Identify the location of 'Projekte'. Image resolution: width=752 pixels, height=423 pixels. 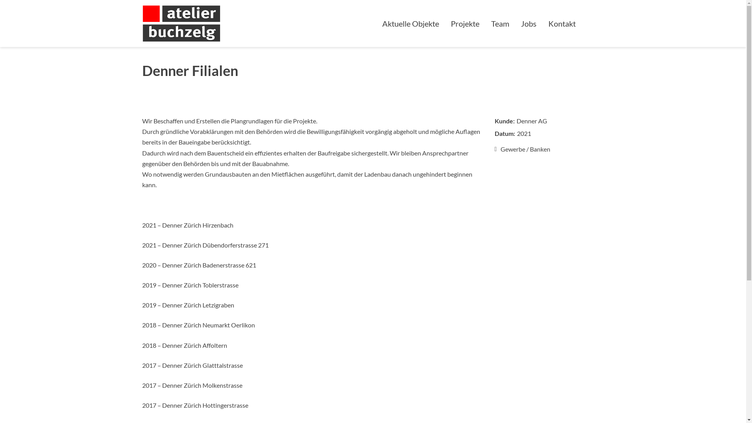
(445, 23).